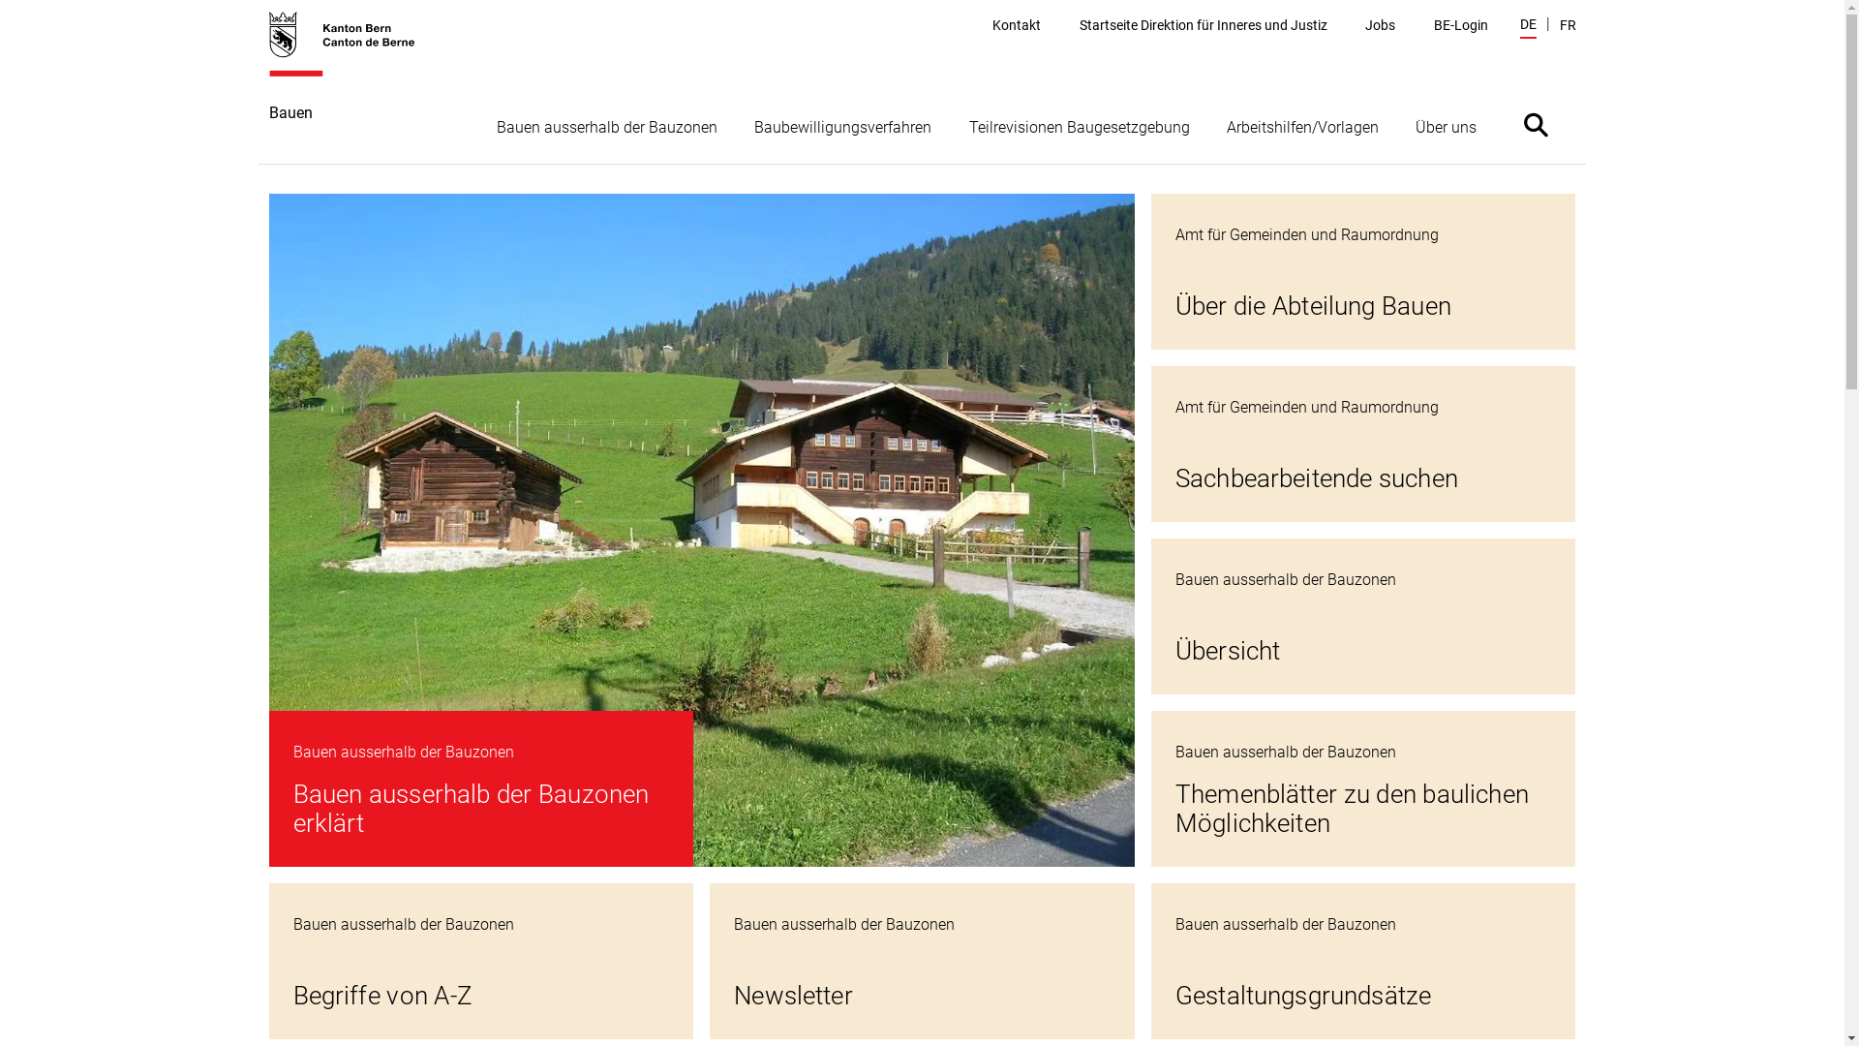 This screenshot has height=1046, width=1859. I want to click on 'BE-Login', so click(1434, 25).